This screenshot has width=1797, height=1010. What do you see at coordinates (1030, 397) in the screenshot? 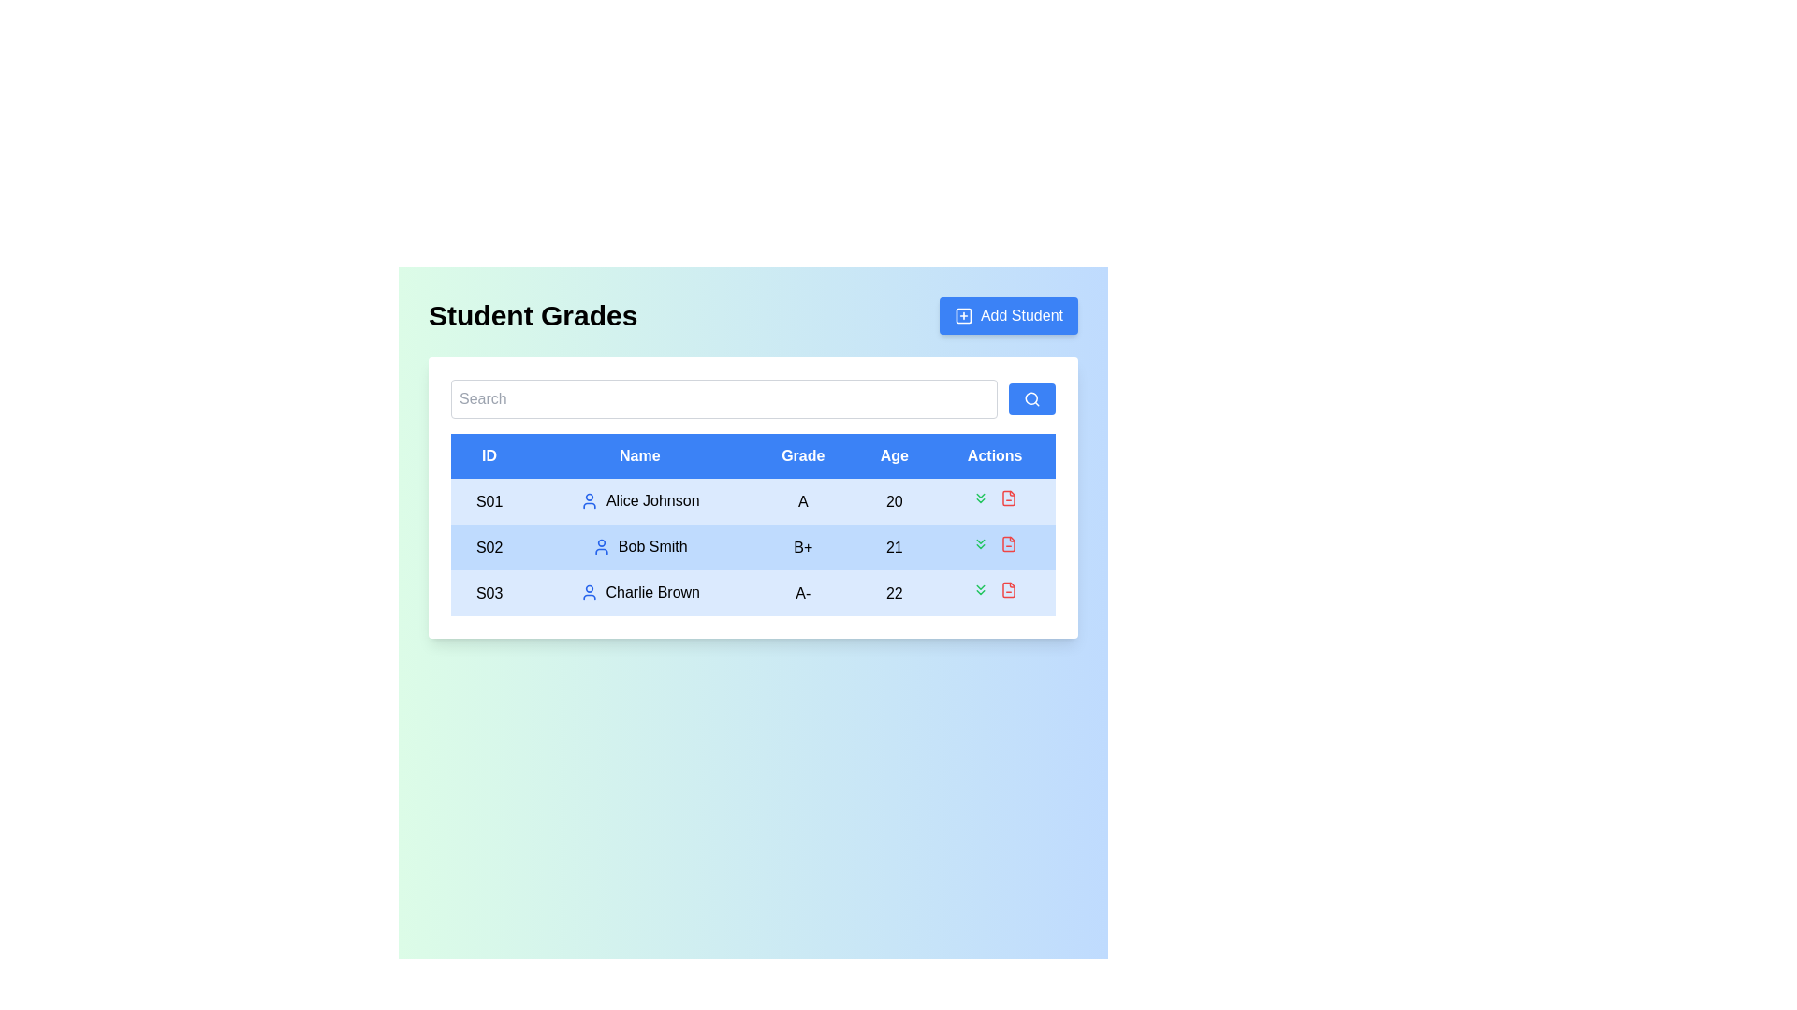
I see `the SVG circle element that forms the lens portion of the search icon located at the upper-right corner of the table's header, beside the search bar` at bounding box center [1030, 397].